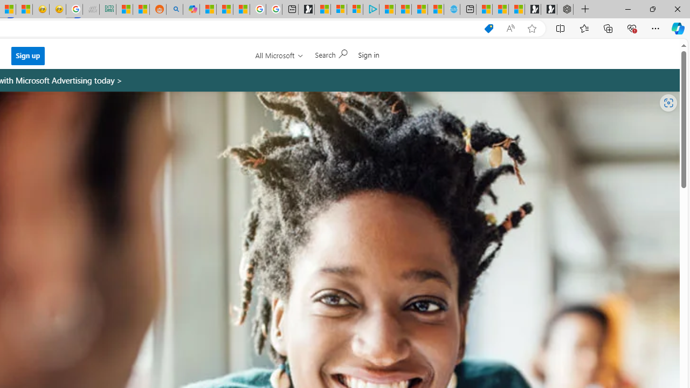 The height and width of the screenshot is (388, 690). I want to click on 'Sign up', so click(27, 56).